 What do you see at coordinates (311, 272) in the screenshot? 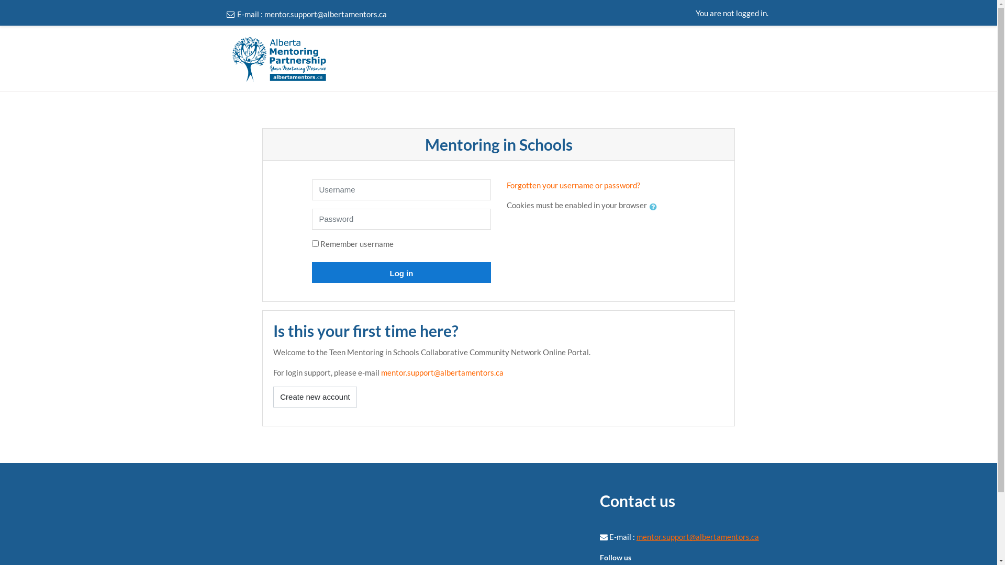
I see `'Log in'` at bounding box center [311, 272].